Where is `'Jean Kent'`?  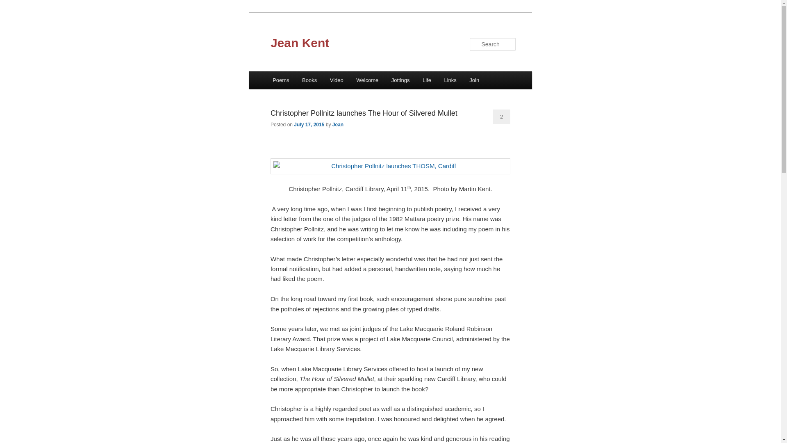
'Jean Kent' is located at coordinates (299, 43).